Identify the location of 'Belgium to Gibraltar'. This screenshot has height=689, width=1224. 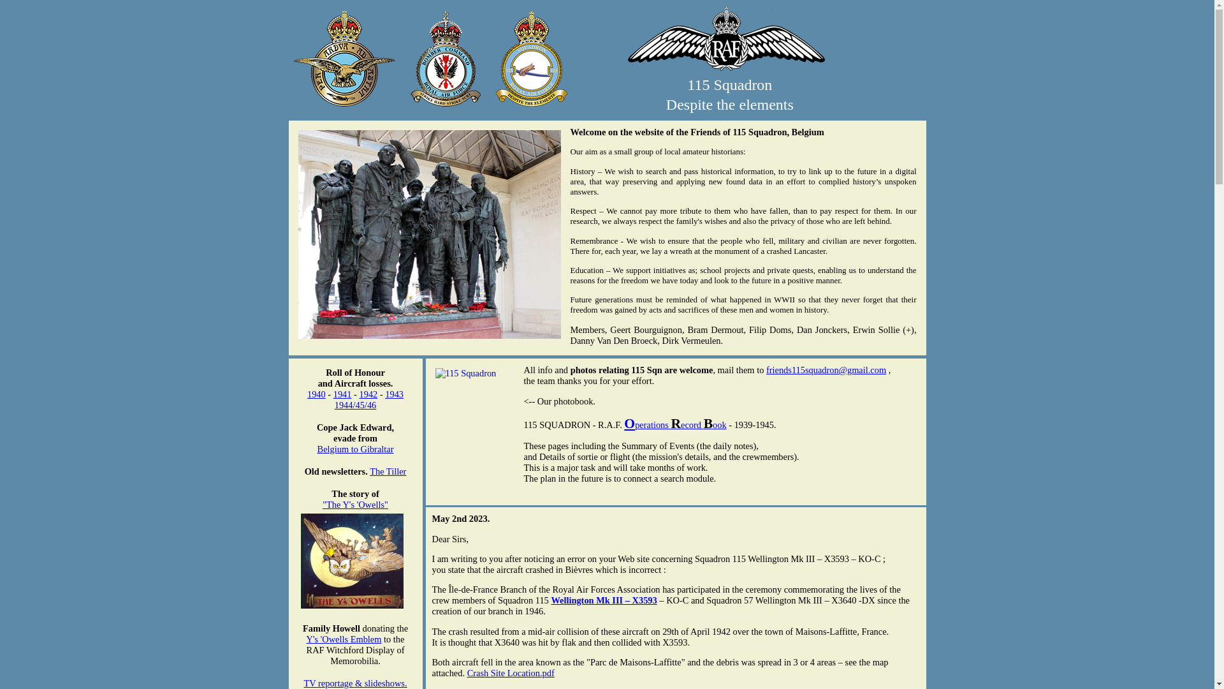
(355, 448).